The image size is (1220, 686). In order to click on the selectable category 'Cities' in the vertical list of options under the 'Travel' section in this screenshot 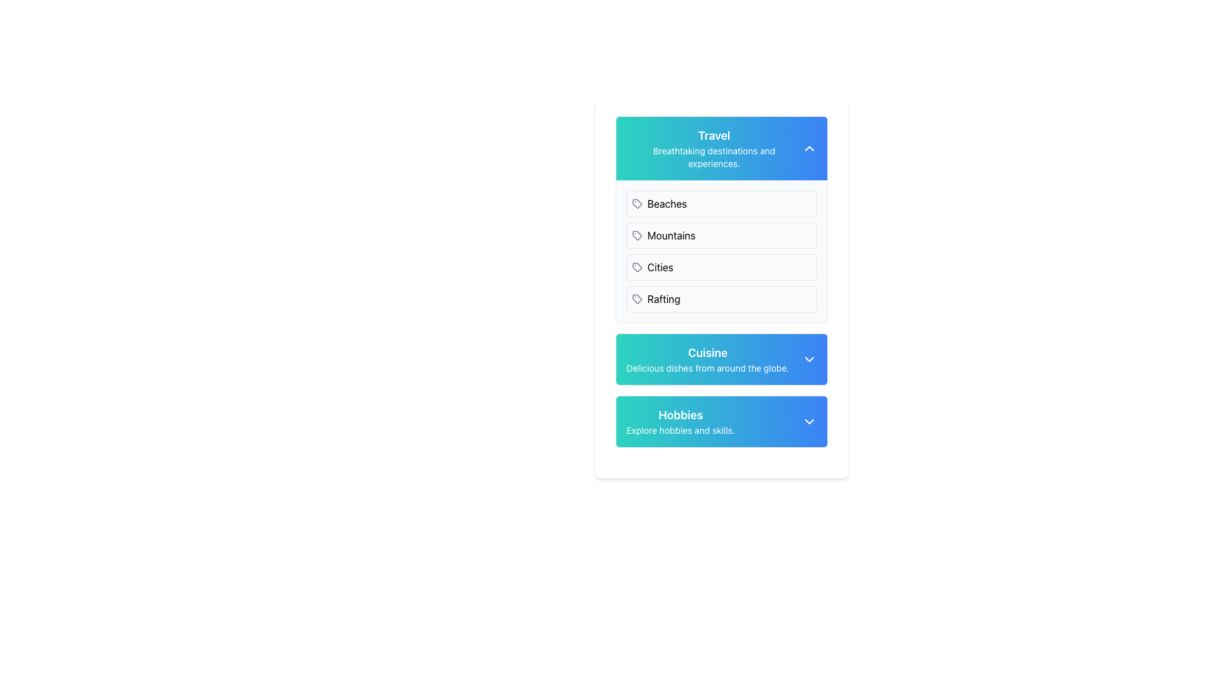, I will do `click(722, 266)`.